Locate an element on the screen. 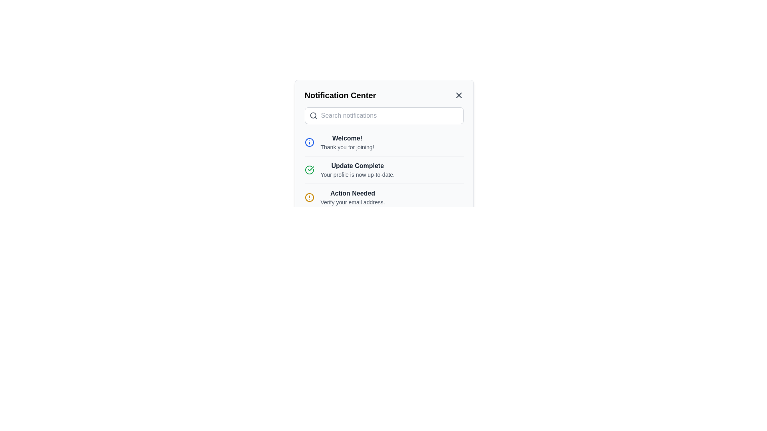 This screenshot has width=767, height=431. the email verification notification item located in the Notification Center is located at coordinates (384, 197).